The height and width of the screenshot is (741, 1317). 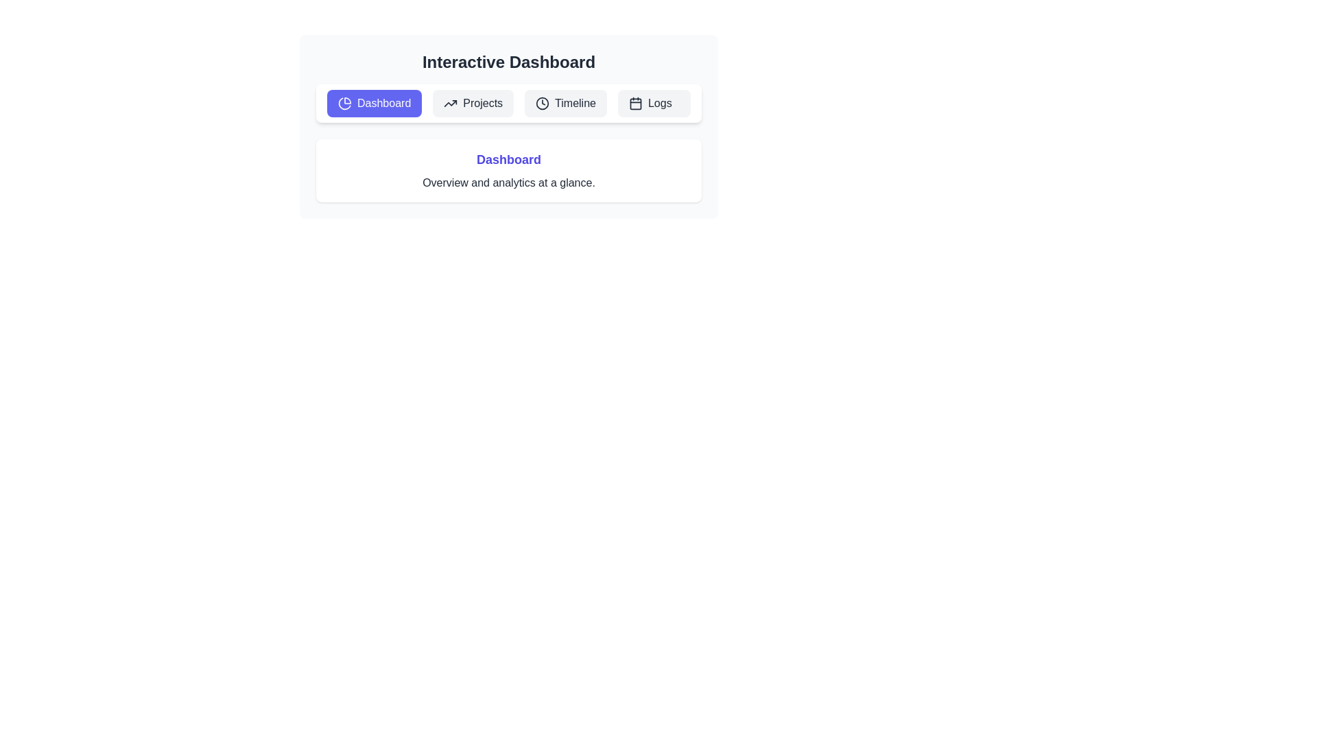 I want to click on the 'Projects' button, which is a rounded button with a light gray background, an upward arrow icon, and the text 'Projects' in black, so click(x=473, y=102).